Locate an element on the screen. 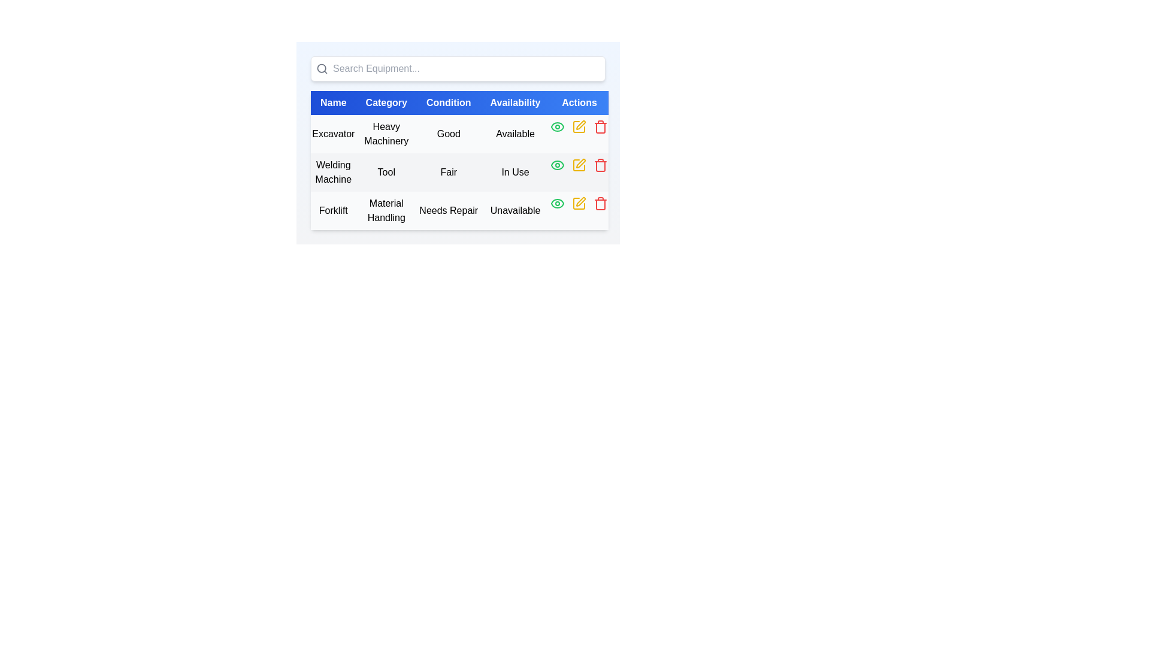 This screenshot has width=1150, height=647. the Text label that displays the condition status of the Welding Machine, located in the third column of the second row of the table, next to the 'Tool' label on the left and 'In Use' label on the right is located at coordinates (448, 173).